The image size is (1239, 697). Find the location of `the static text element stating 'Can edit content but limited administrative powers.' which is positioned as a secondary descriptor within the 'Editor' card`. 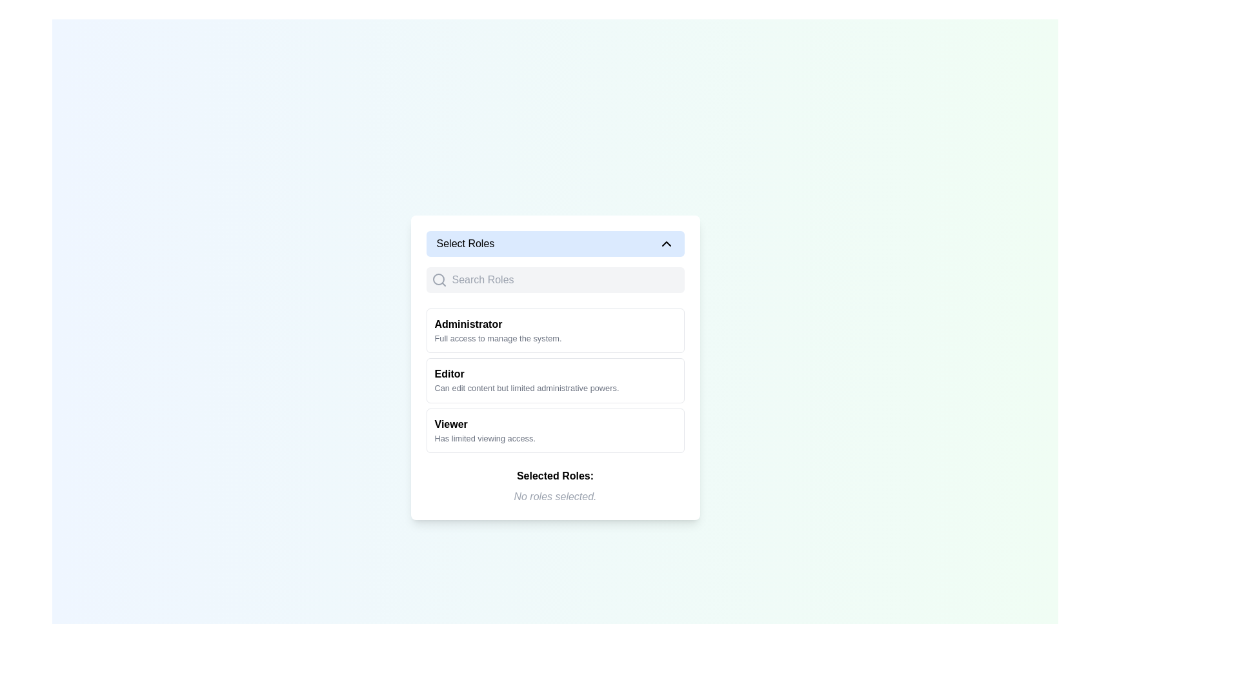

the static text element stating 'Can edit content but limited administrative powers.' which is positioned as a secondary descriptor within the 'Editor' card is located at coordinates (527, 387).